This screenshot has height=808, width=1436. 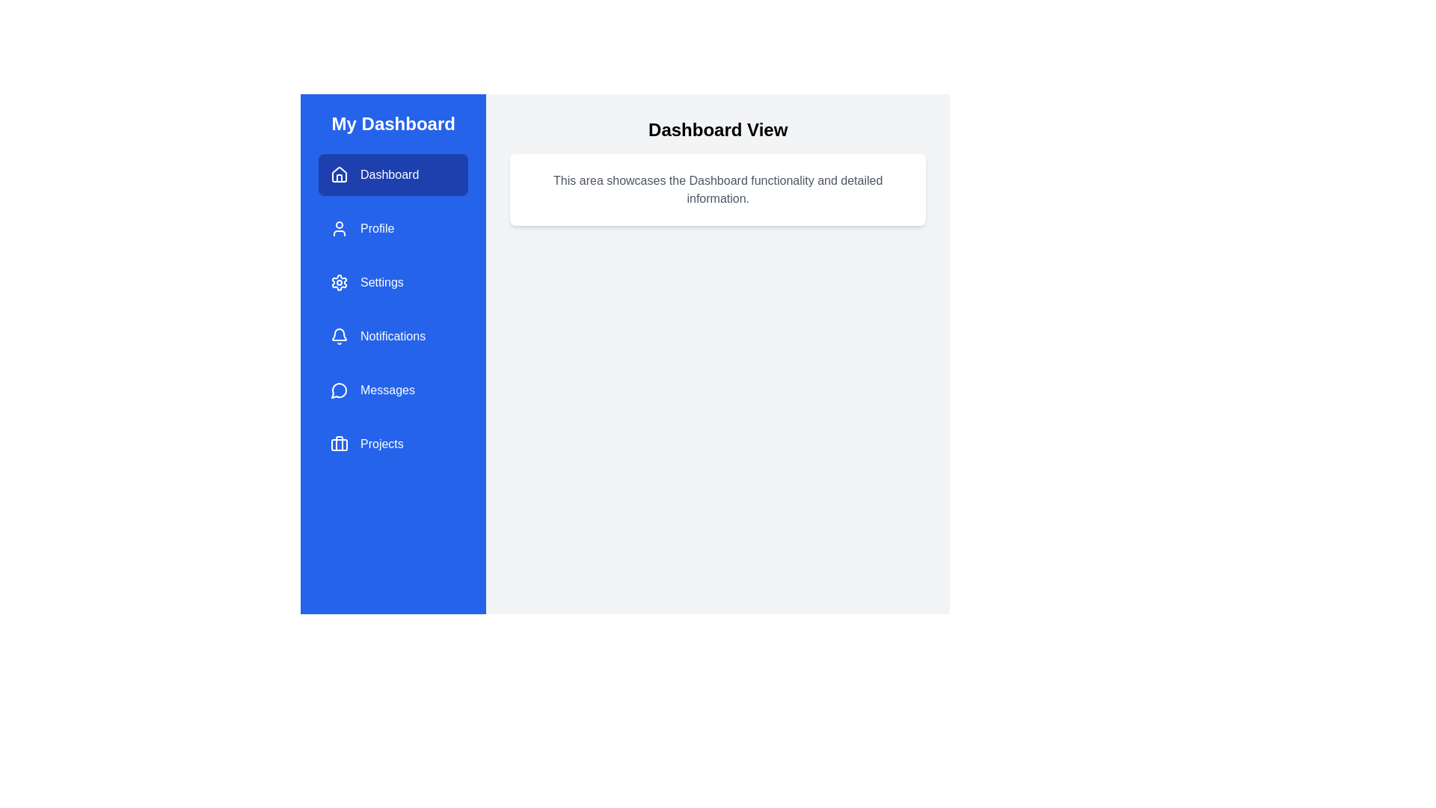 What do you see at coordinates (393, 444) in the screenshot?
I see `the menu item labeled Projects to navigate to its associated view` at bounding box center [393, 444].